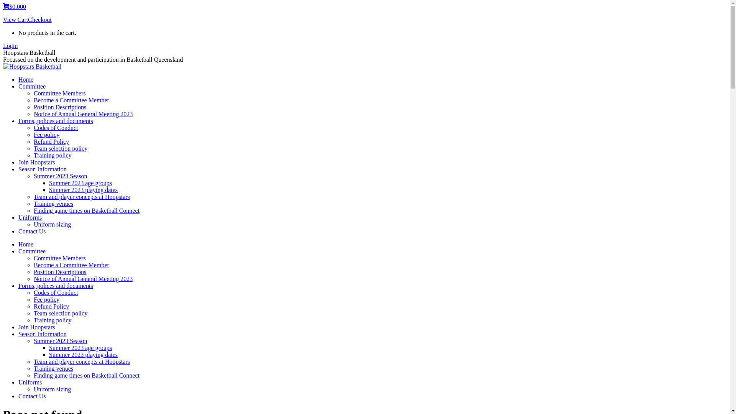 Image resolution: width=736 pixels, height=414 pixels. I want to click on 'Summer 2023 age groups', so click(80, 348).